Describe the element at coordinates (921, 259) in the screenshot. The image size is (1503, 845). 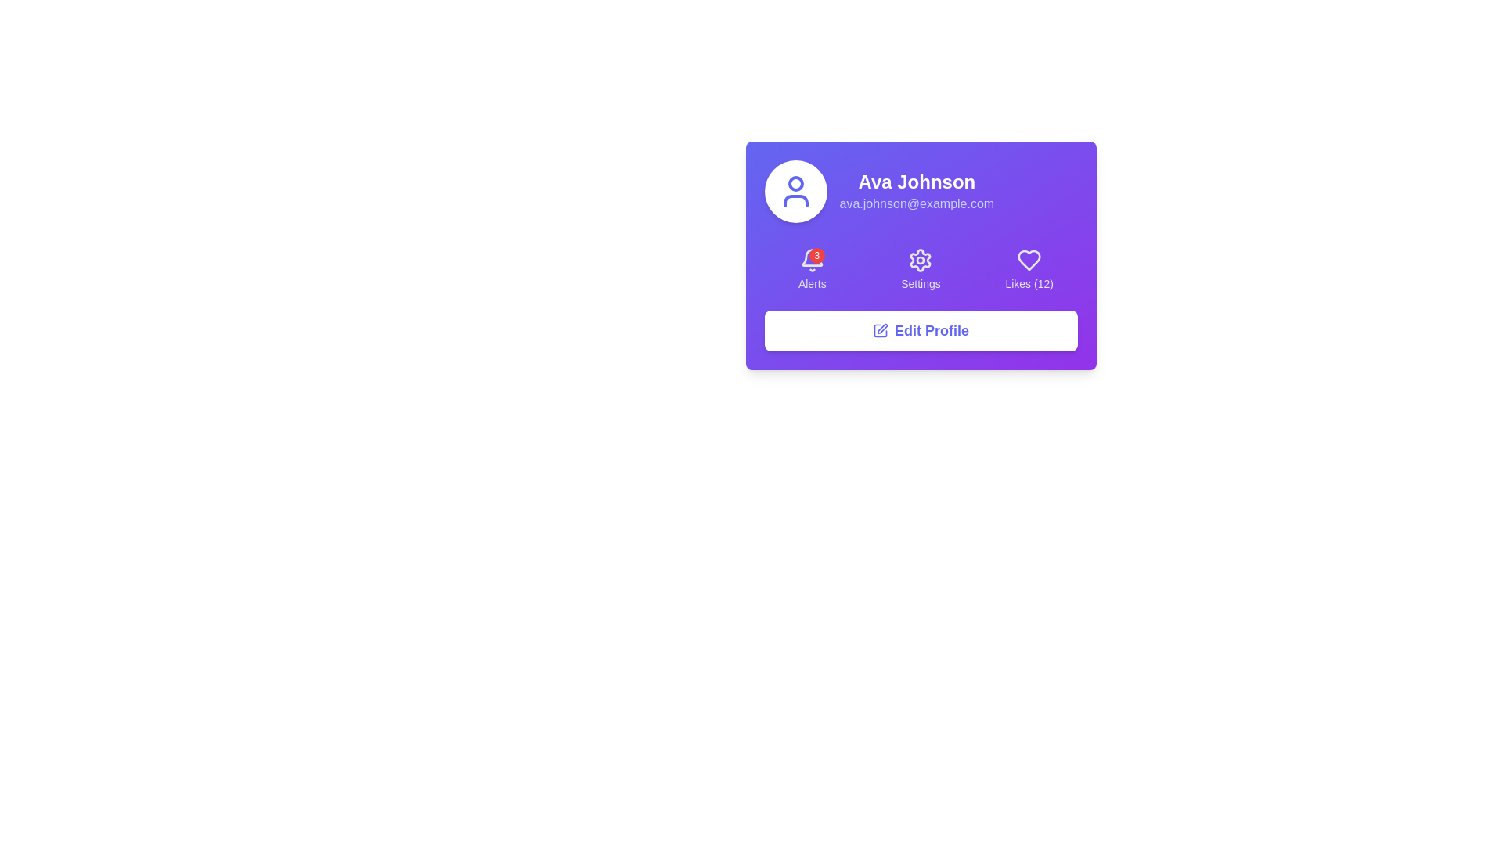
I see `the Gear icon, which is the spiky part of the settings icon located below the user's name and email` at that location.